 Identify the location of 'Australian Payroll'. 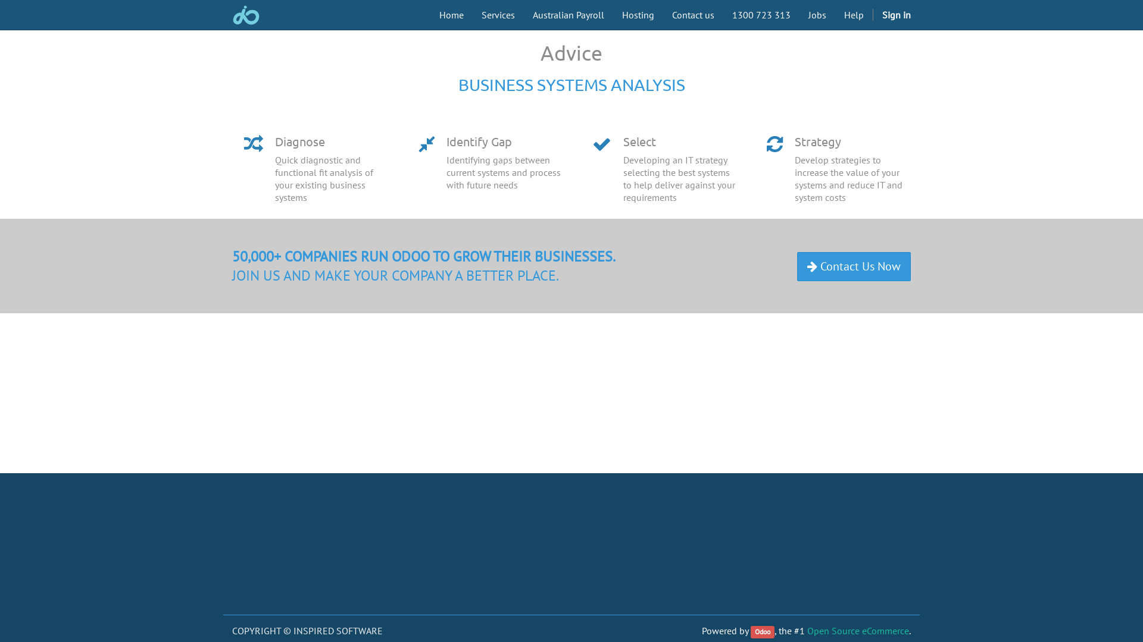
(523, 14).